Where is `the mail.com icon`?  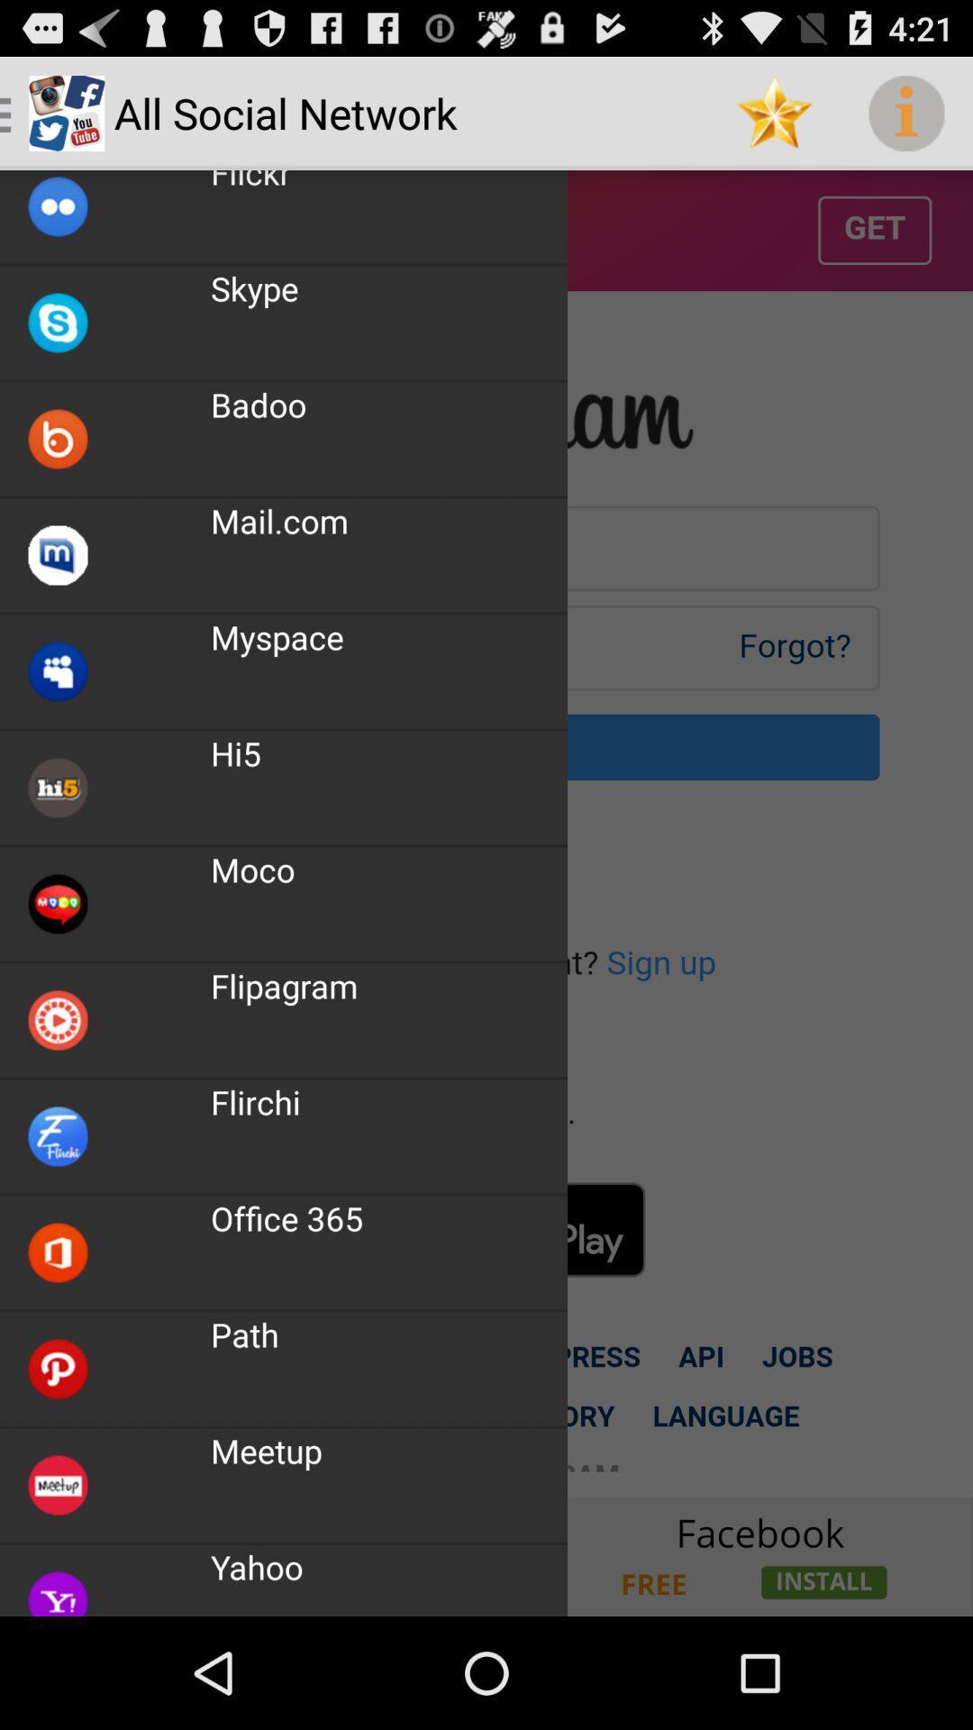 the mail.com icon is located at coordinates (279, 520).